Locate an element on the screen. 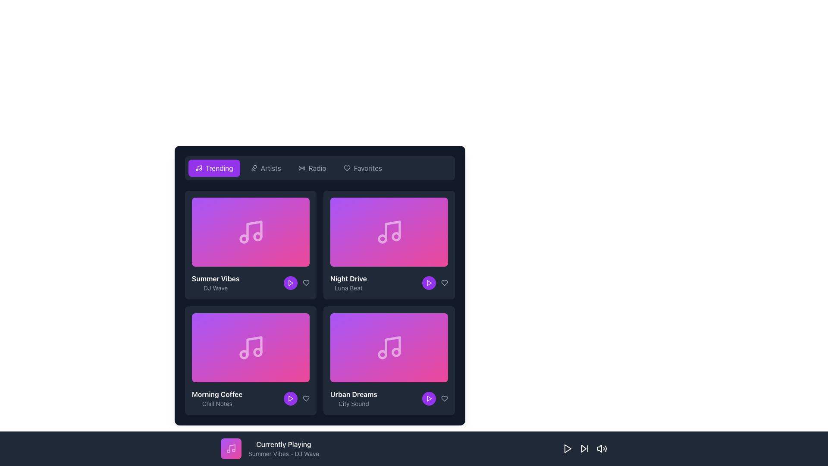 This screenshot has height=466, width=828. the heart-shaped icon located at the bottom-right corner of the 'Urban Dreams' card to mark the item as liked is located at coordinates (445, 399).